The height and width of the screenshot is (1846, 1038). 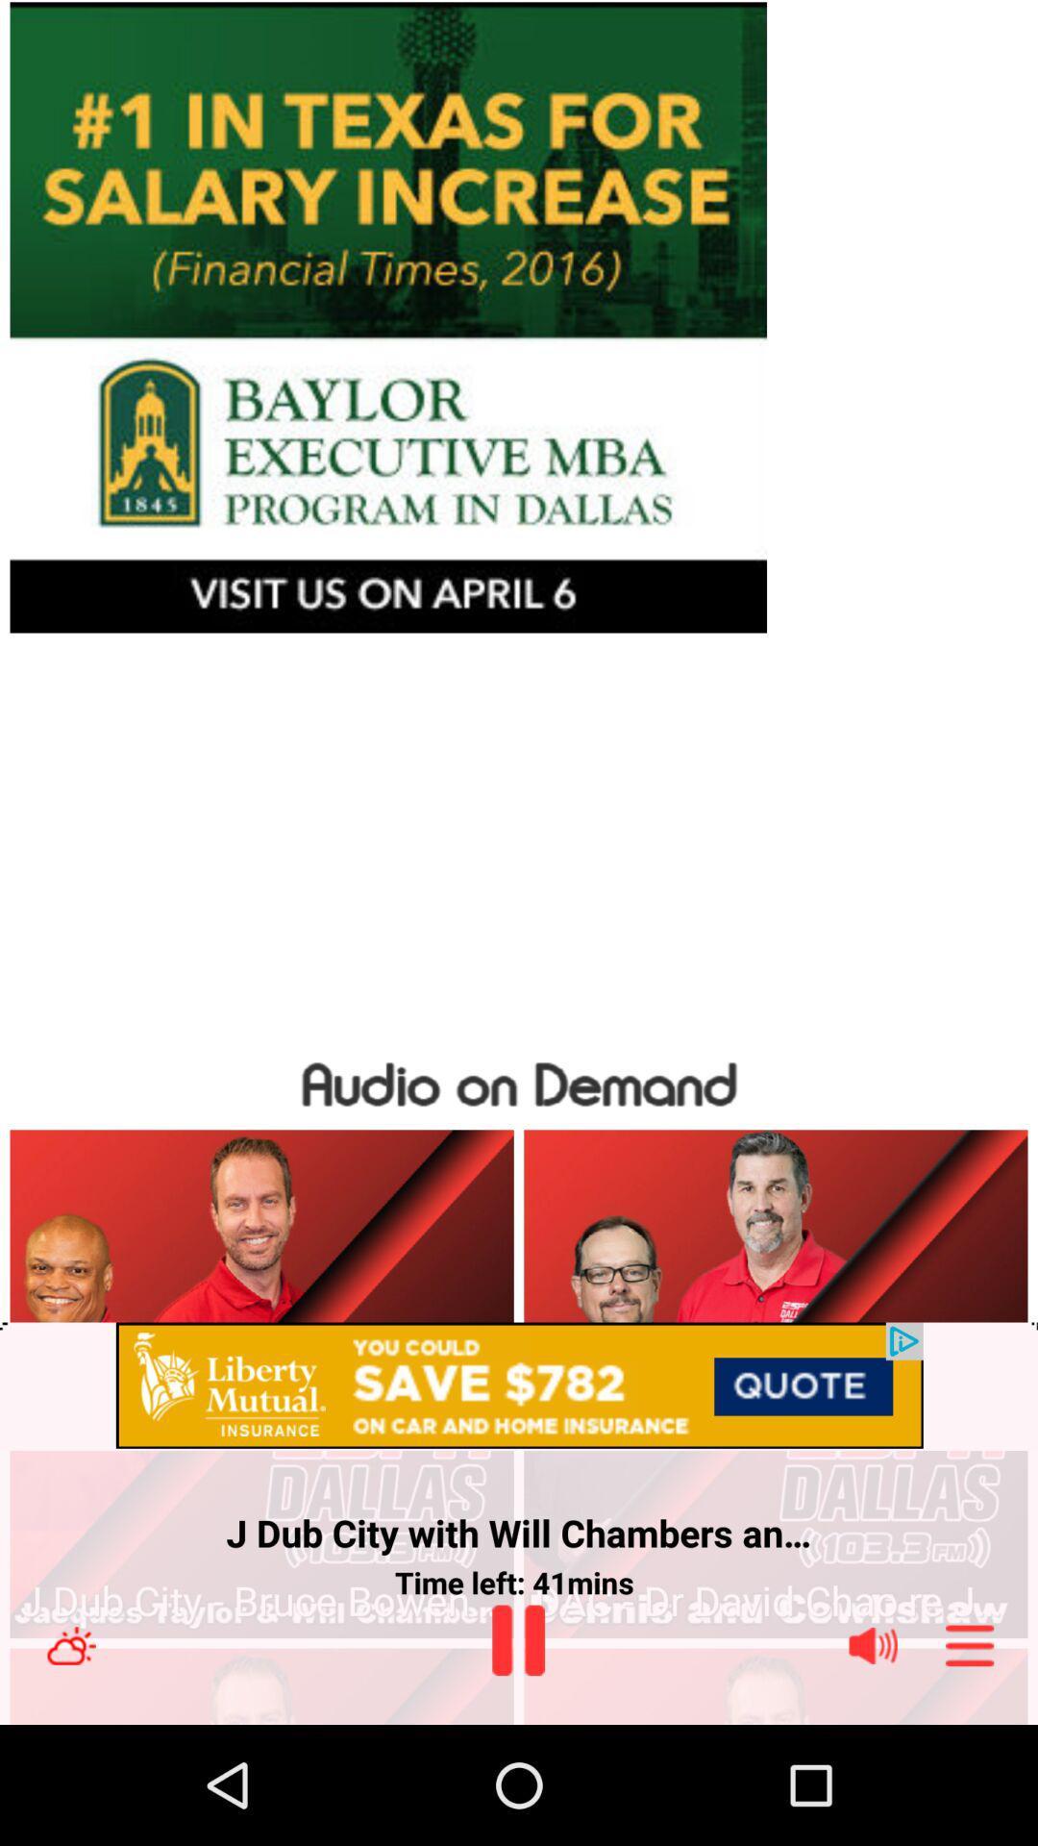 What do you see at coordinates (517, 1639) in the screenshot?
I see `pause the audio` at bounding box center [517, 1639].